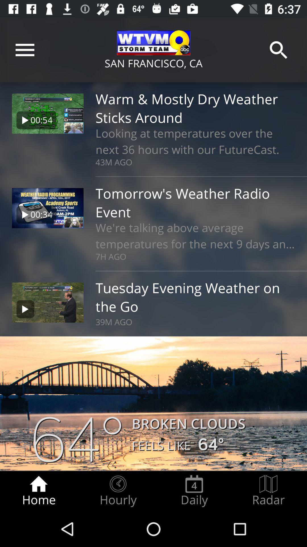 Image resolution: width=307 pixels, height=547 pixels. What do you see at coordinates (194, 491) in the screenshot?
I see `the radio button next to hourly radio button` at bounding box center [194, 491].